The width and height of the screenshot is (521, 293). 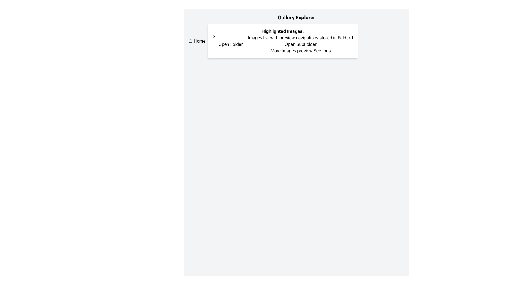 What do you see at coordinates (282, 44) in the screenshot?
I see `the 'Open SubFolder' button located in the 'Highlighted Images:' section to possibly reveal more information` at bounding box center [282, 44].